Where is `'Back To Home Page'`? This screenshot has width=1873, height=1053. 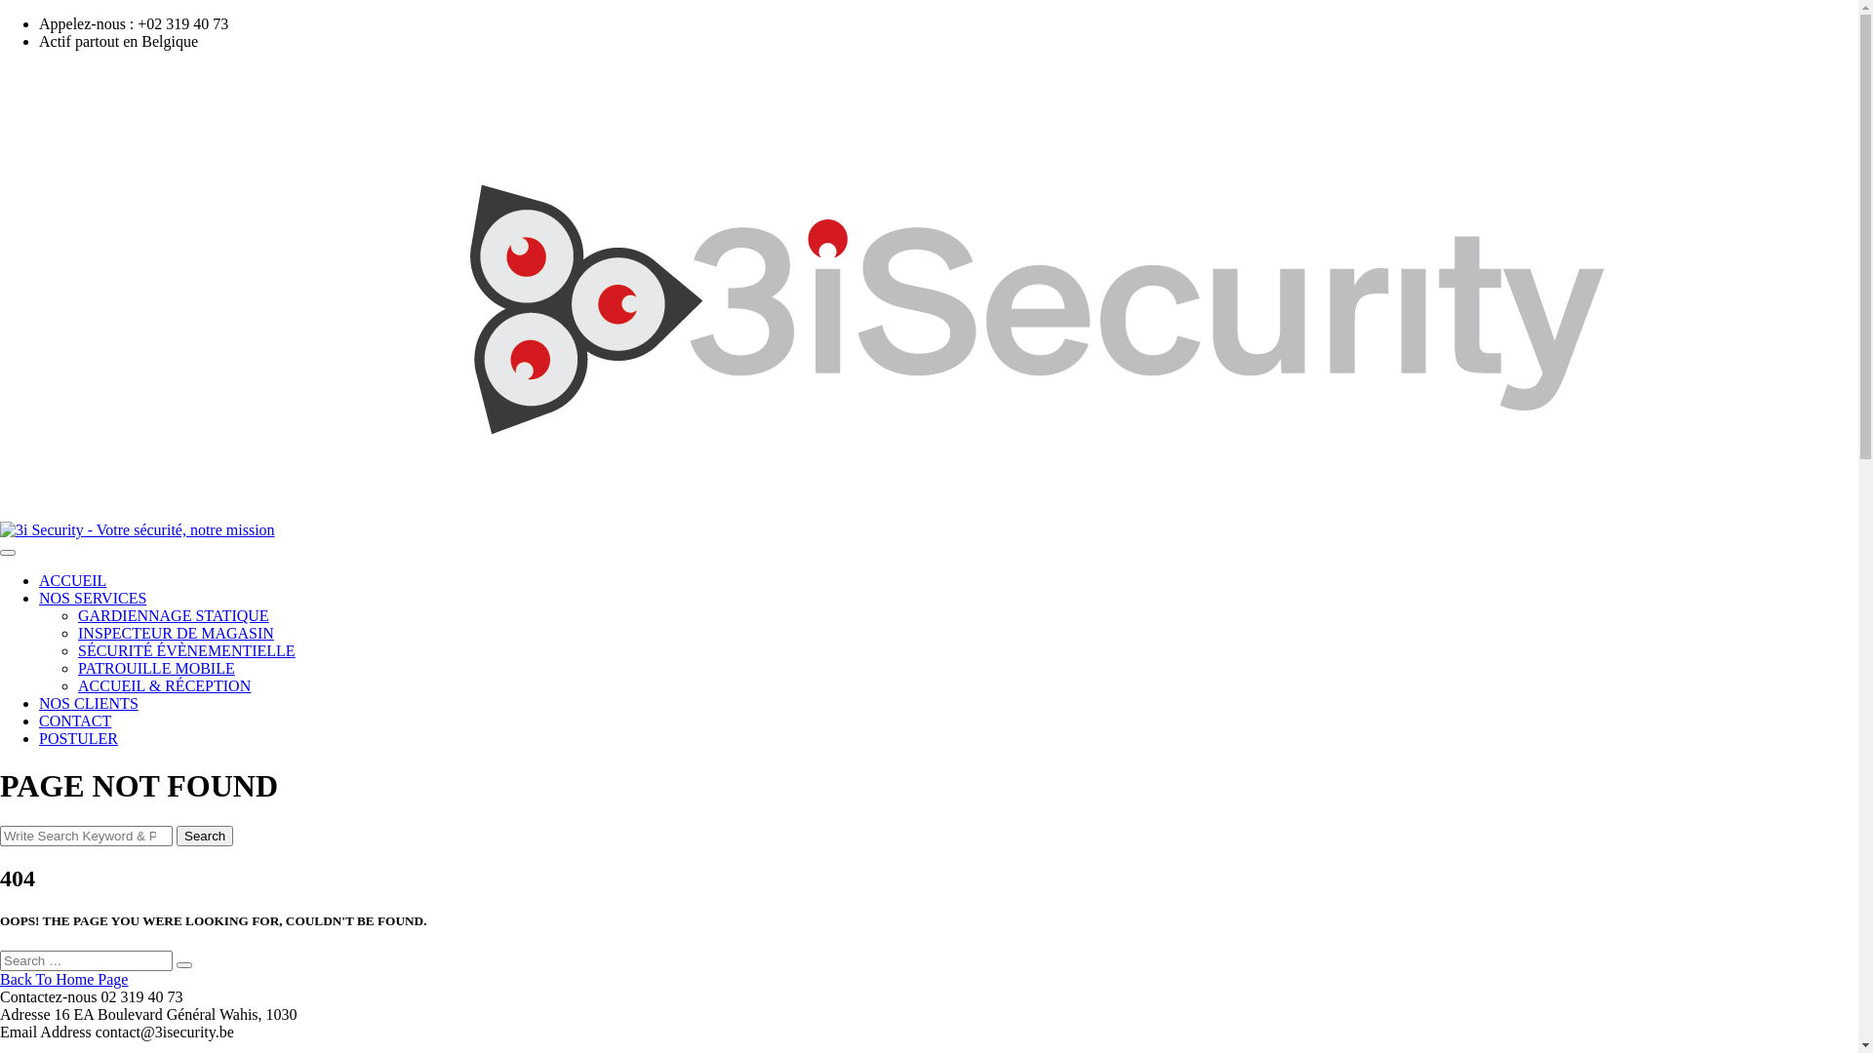
'Back To Home Page' is located at coordinates (63, 979).